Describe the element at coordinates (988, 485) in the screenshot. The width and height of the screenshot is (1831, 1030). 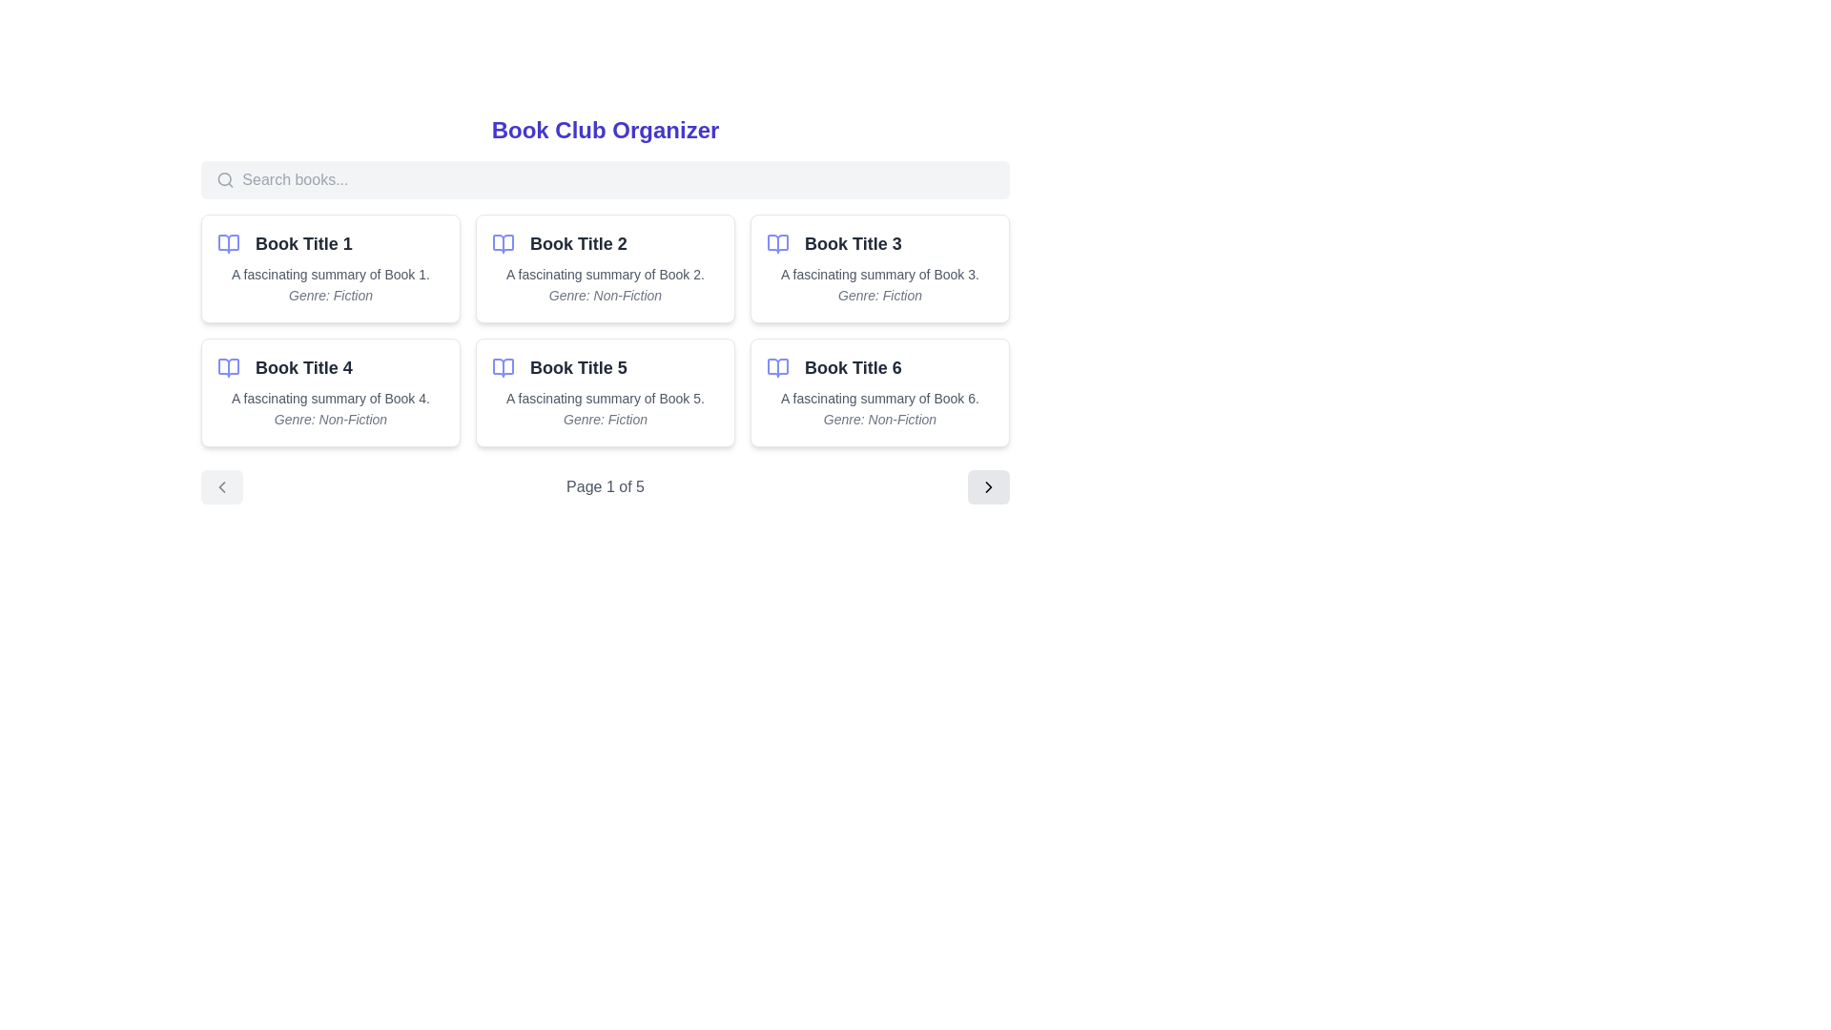
I see `the pagination control icon located at the bottom-right corner of the visible content area` at that location.